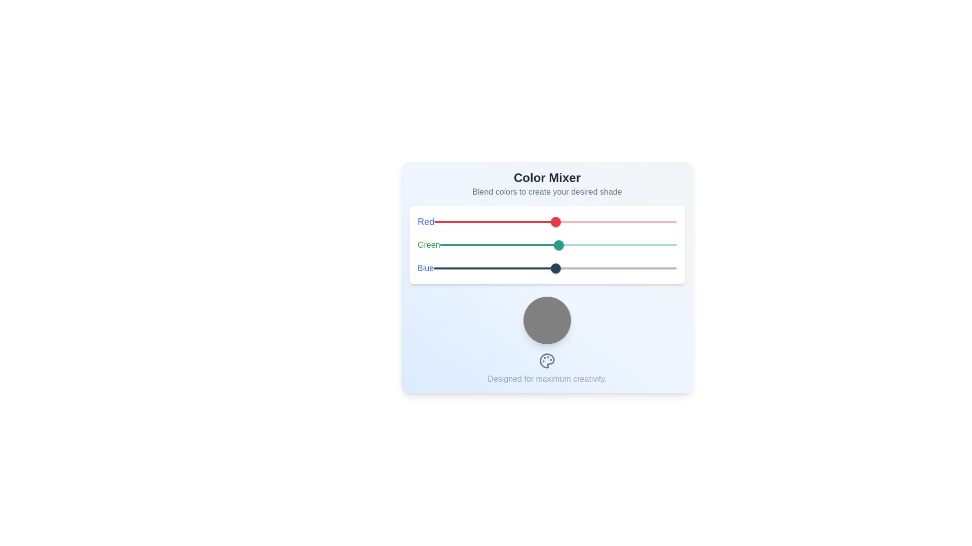  Describe the element at coordinates (546, 192) in the screenshot. I see `the static text that reads 'Blend colors to create your desired shade', which is styled in muted gray font and located below the title 'Color Mixer'` at that location.